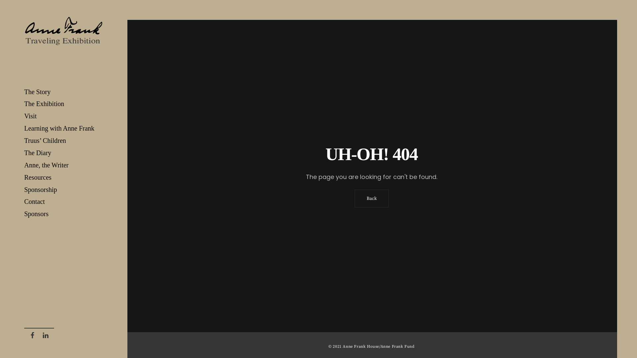 The height and width of the screenshot is (358, 637). What do you see at coordinates (64, 190) in the screenshot?
I see `'Sponsorship'` at bounding box center [64, 190].